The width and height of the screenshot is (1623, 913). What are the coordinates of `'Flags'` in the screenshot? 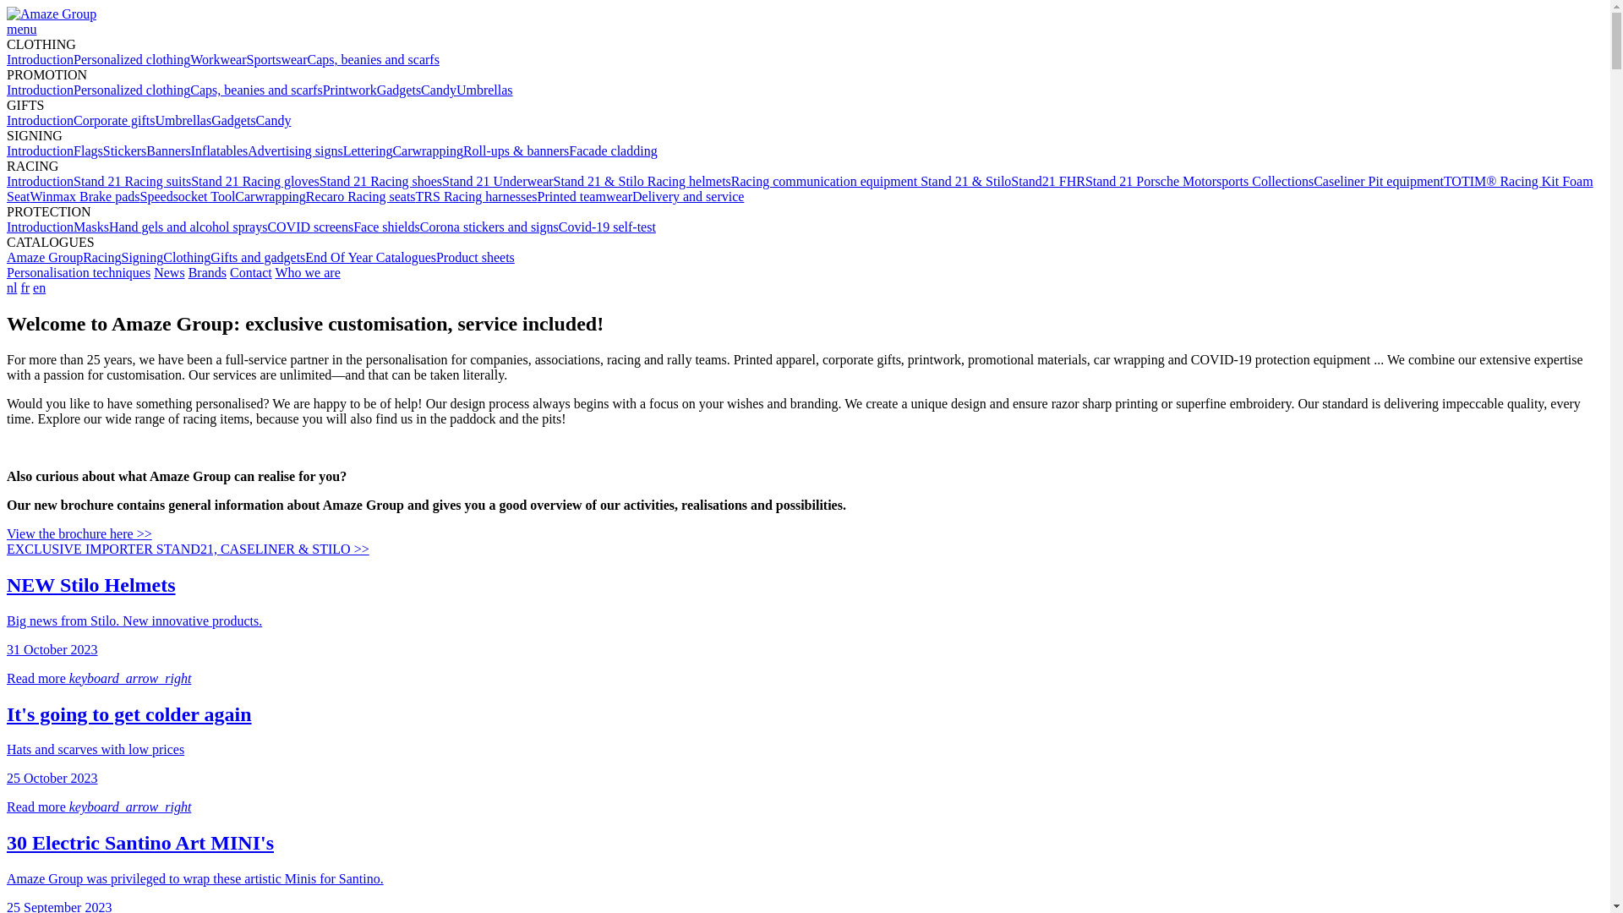 It's located at (72, 150).